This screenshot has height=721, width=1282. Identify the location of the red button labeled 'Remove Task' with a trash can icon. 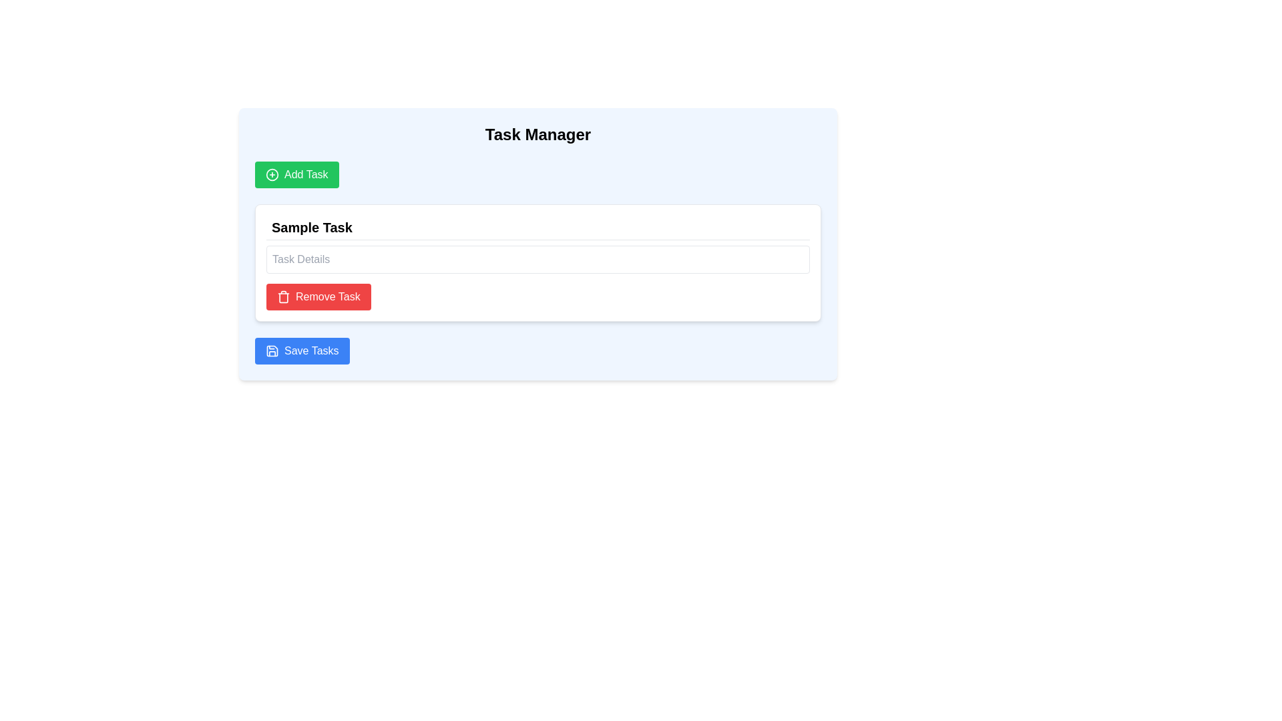
(318, 296).